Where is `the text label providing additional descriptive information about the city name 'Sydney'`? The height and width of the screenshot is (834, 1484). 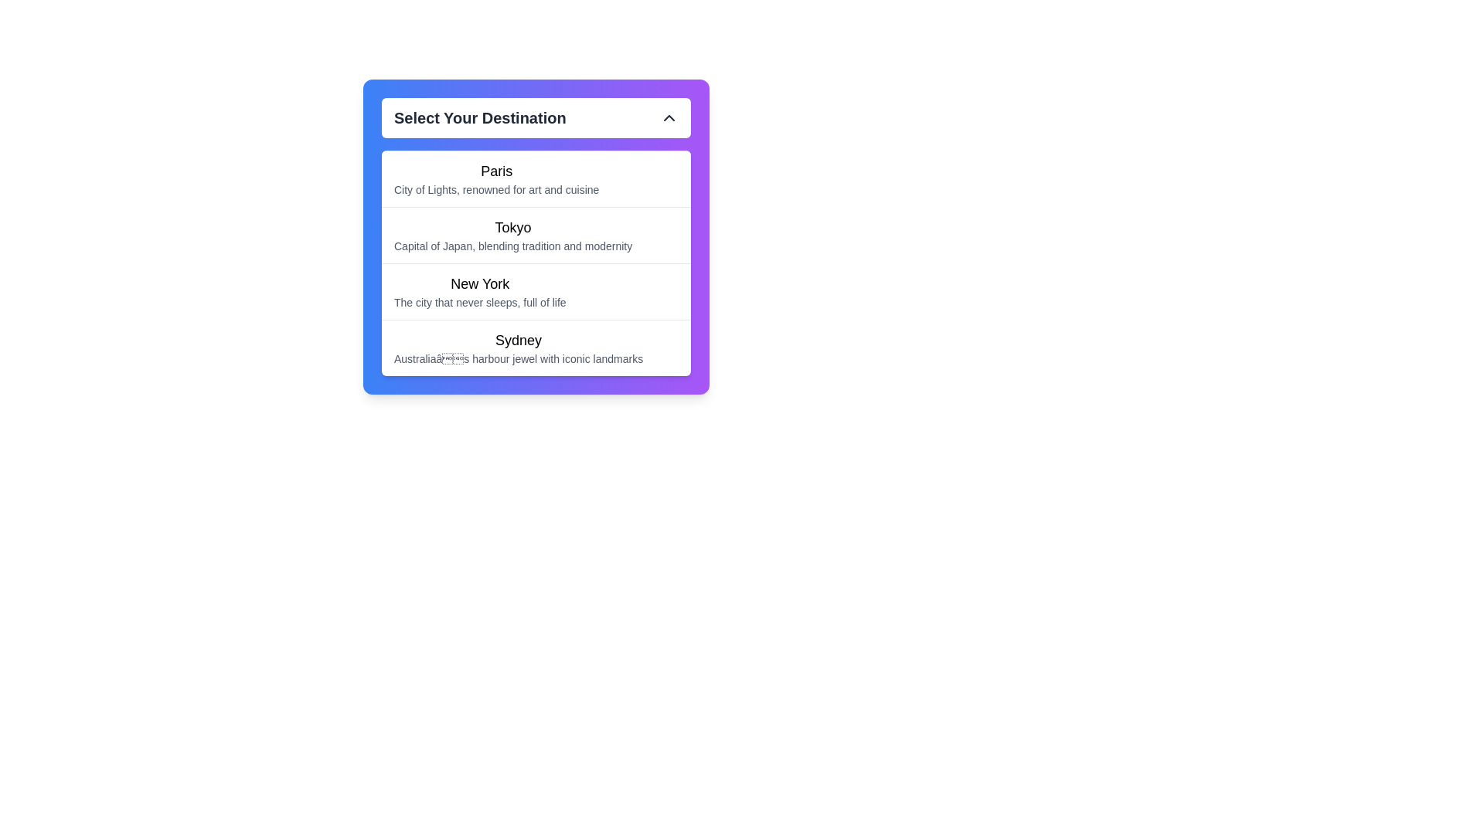
the text label providing additional descriptive information about the city name 'Sydney' is located at coordinates (519, 359).